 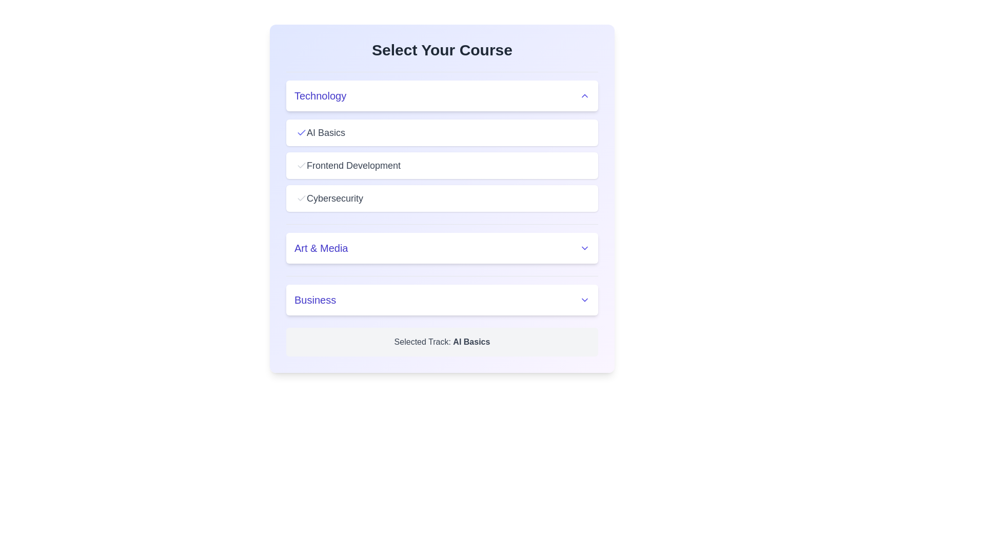 I want to click on the 'Frontend Development' selectable list item in the Technology section, so click(x=442, y=165).